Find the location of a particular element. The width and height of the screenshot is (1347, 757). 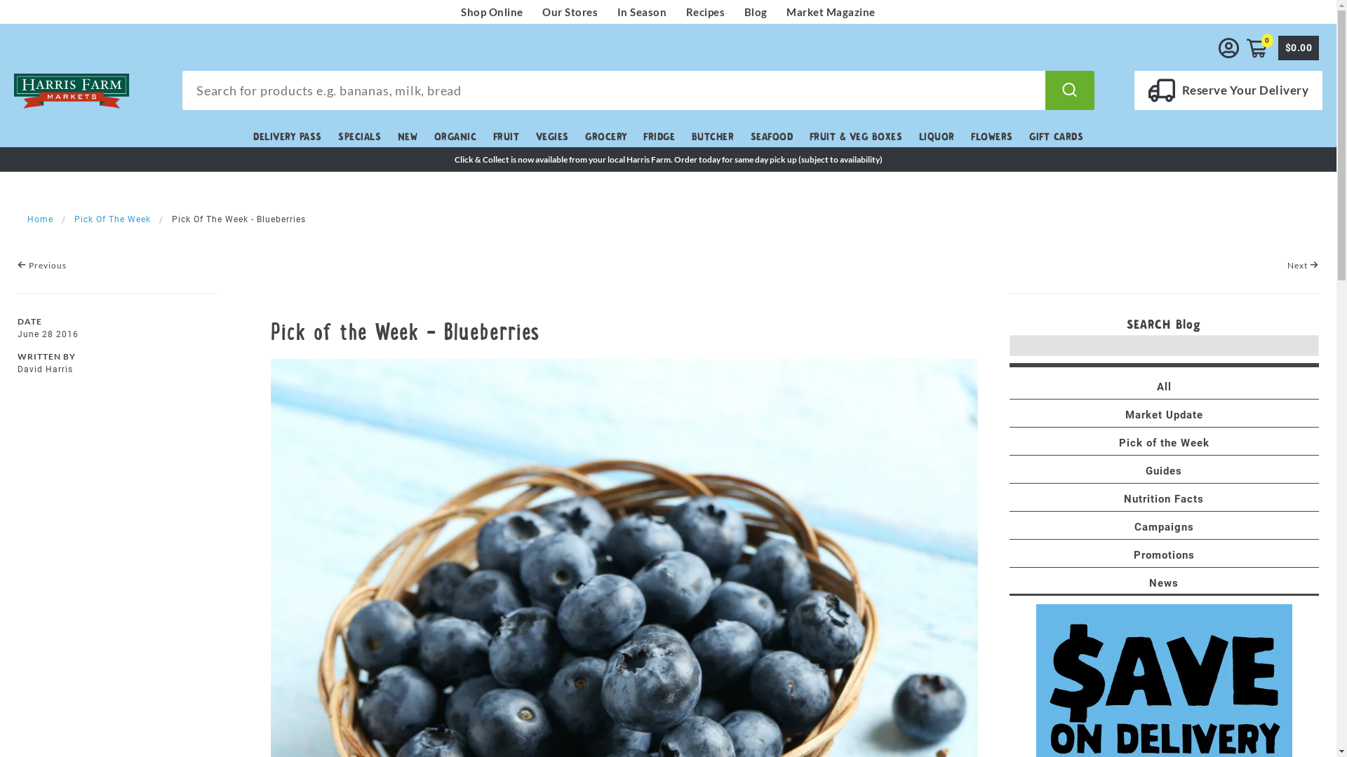

'NEW' is located at coordinates (406, 137).